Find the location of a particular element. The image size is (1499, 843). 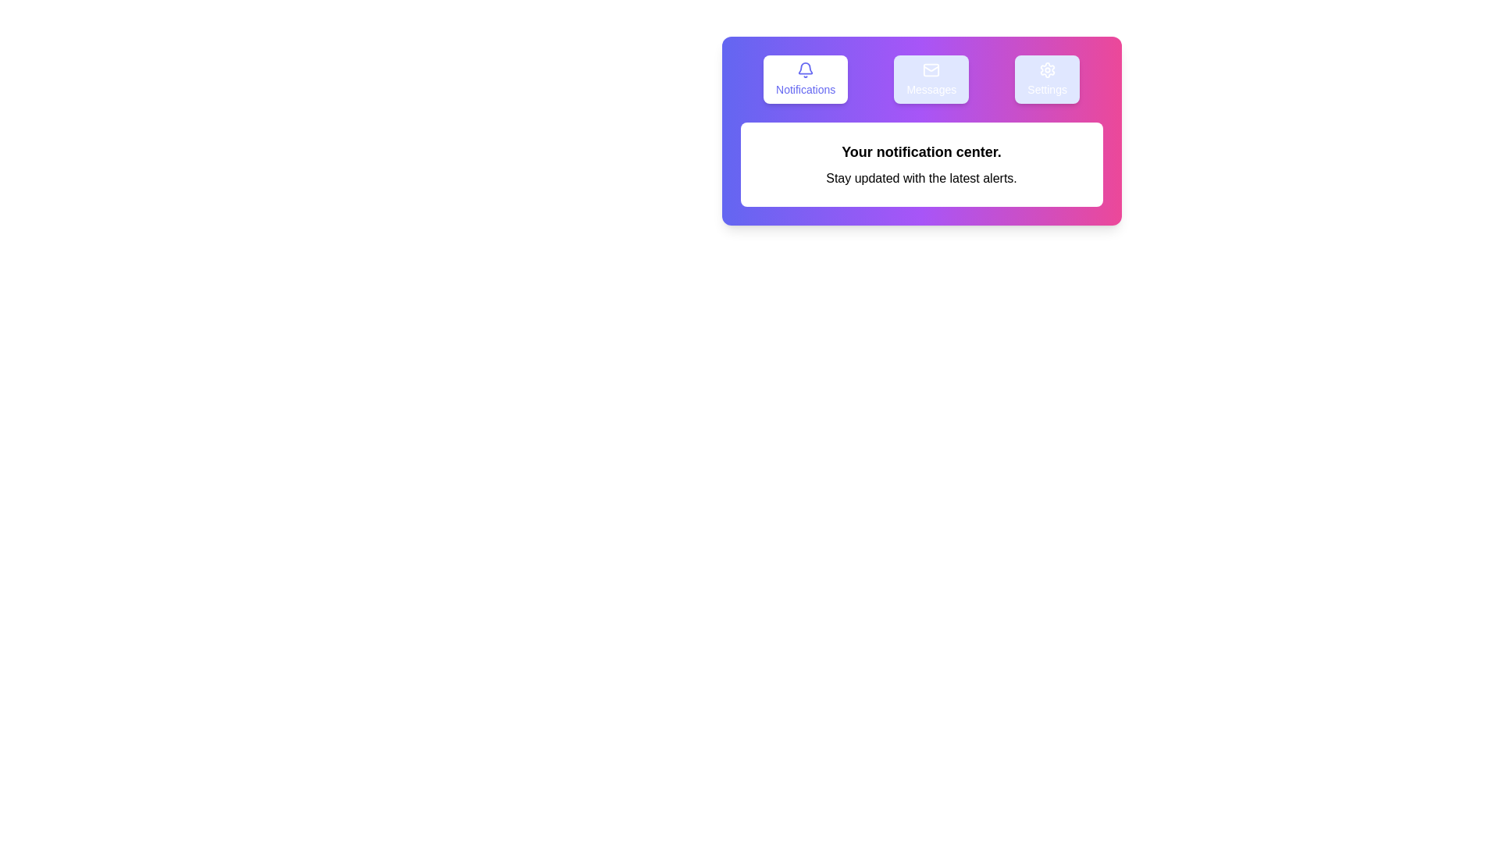

the 'Notifications' icon located in the notification section of the user interface, positioned above the text 'Notifications' is located at coordinates (806, 67).